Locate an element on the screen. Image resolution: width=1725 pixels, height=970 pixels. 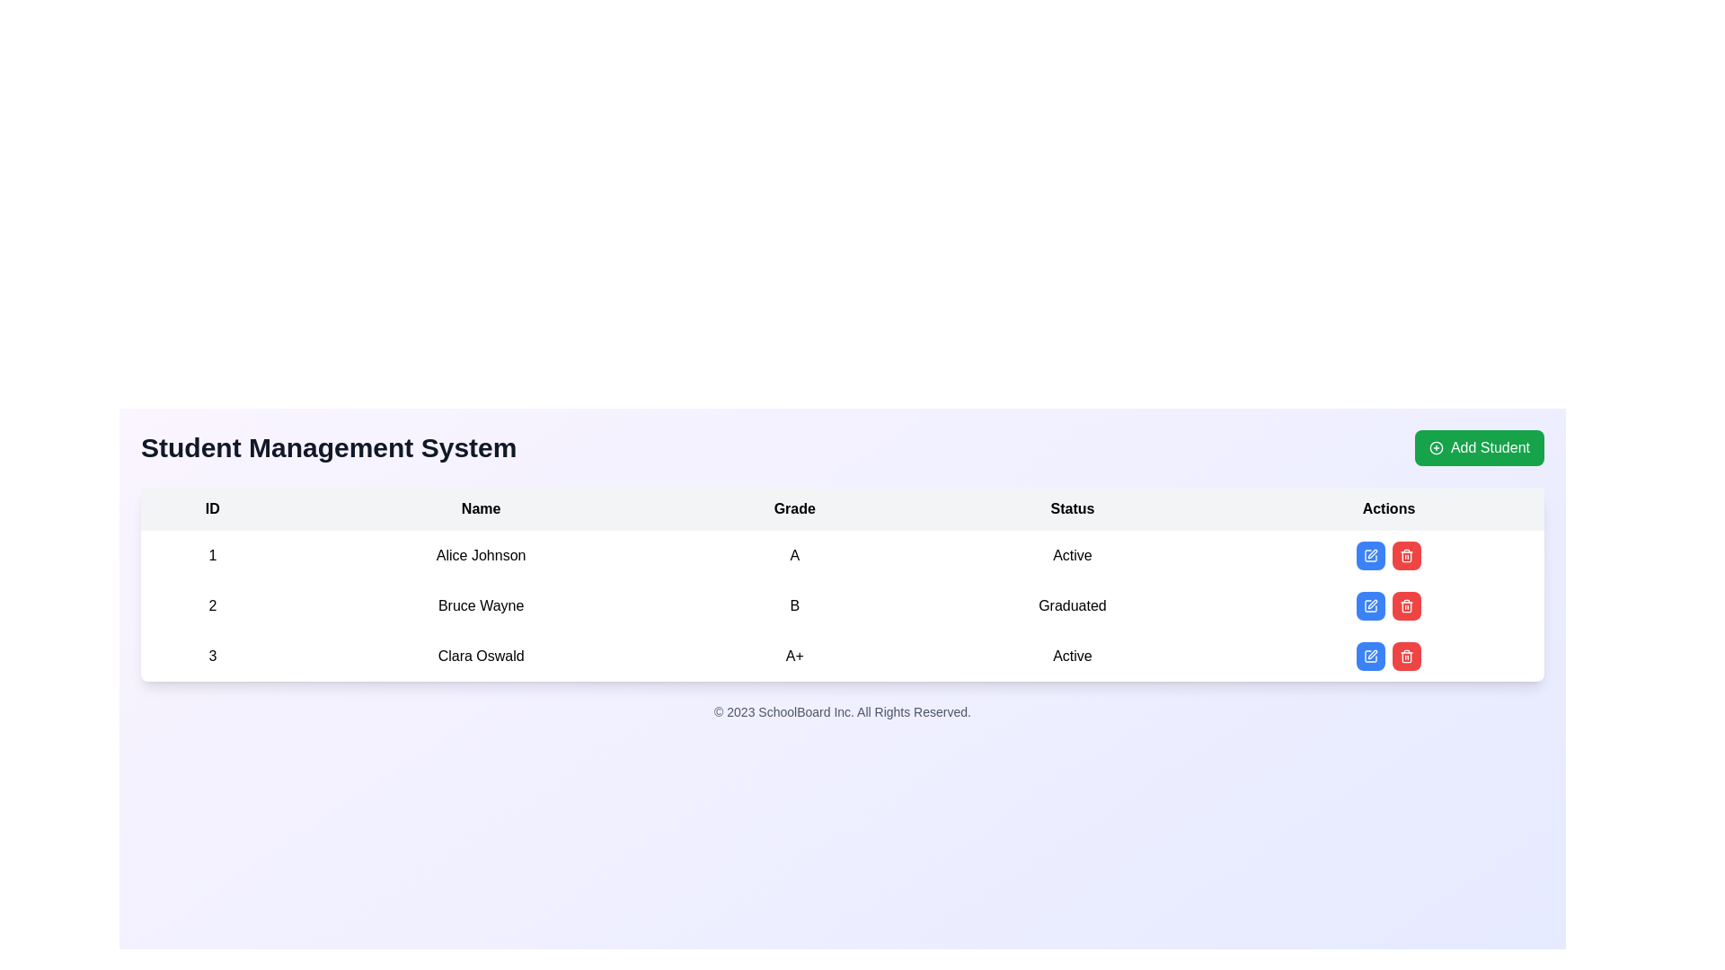
the static text label that identifies an individual, located under the 'Name' column in the first row of the table is located at coordinates (481, 554).